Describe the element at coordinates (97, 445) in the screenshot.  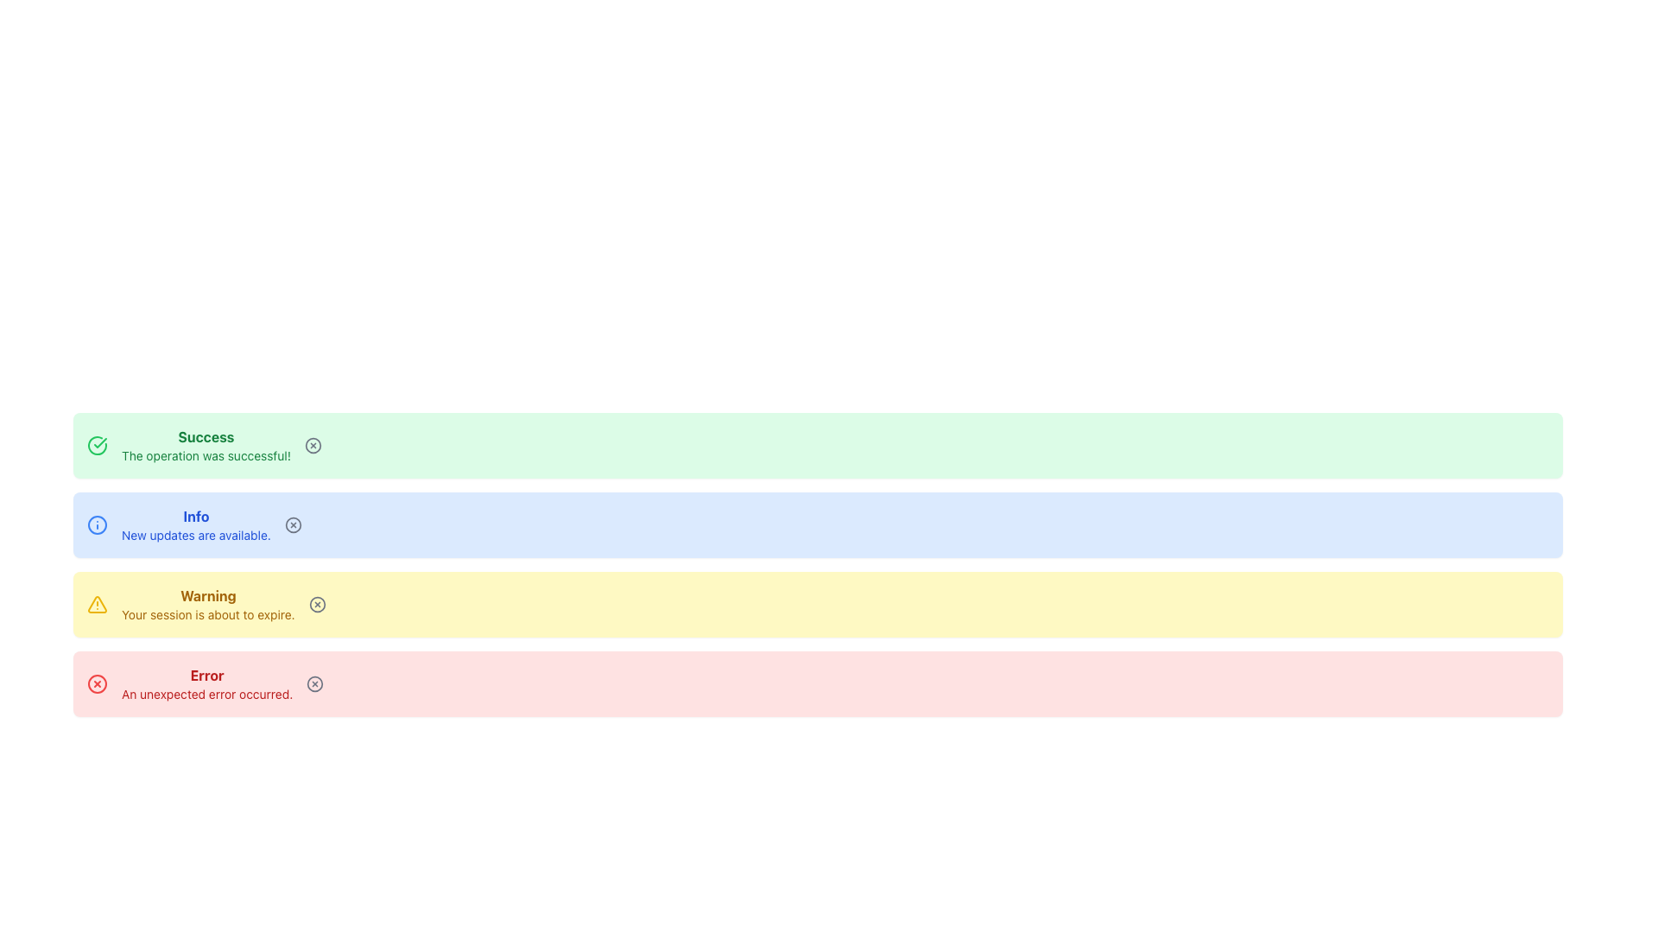
I see `the circular outline of the success icon located on the left side of the green 'Success' notification bar near the upper section of the interface` at that location.